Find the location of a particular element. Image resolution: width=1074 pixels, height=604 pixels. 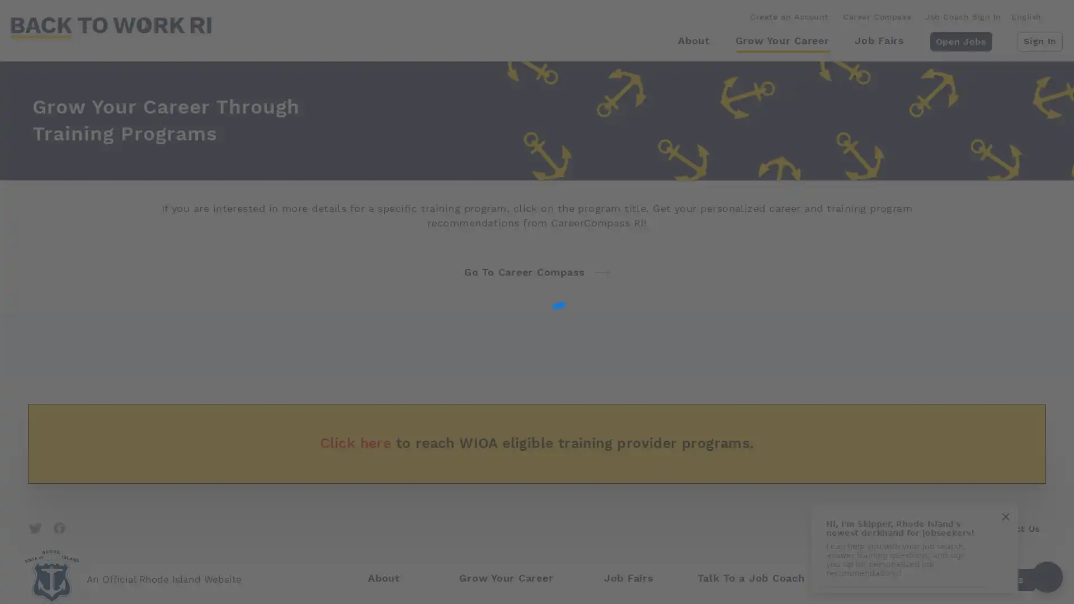

not favorite Favorite is located at coordinates (480, 353).